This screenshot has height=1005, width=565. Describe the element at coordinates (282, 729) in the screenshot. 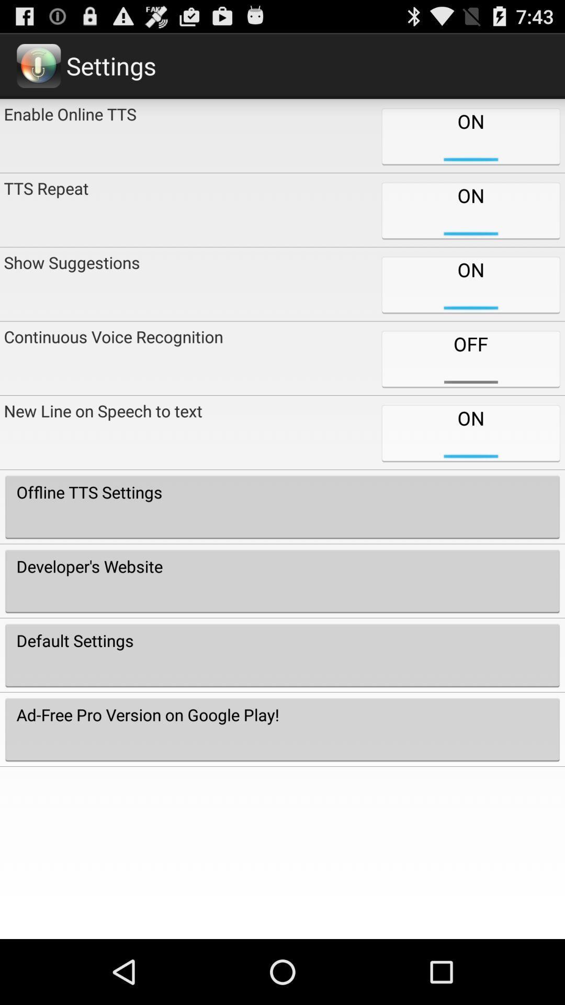

I see `the ad free pro button` at that location.